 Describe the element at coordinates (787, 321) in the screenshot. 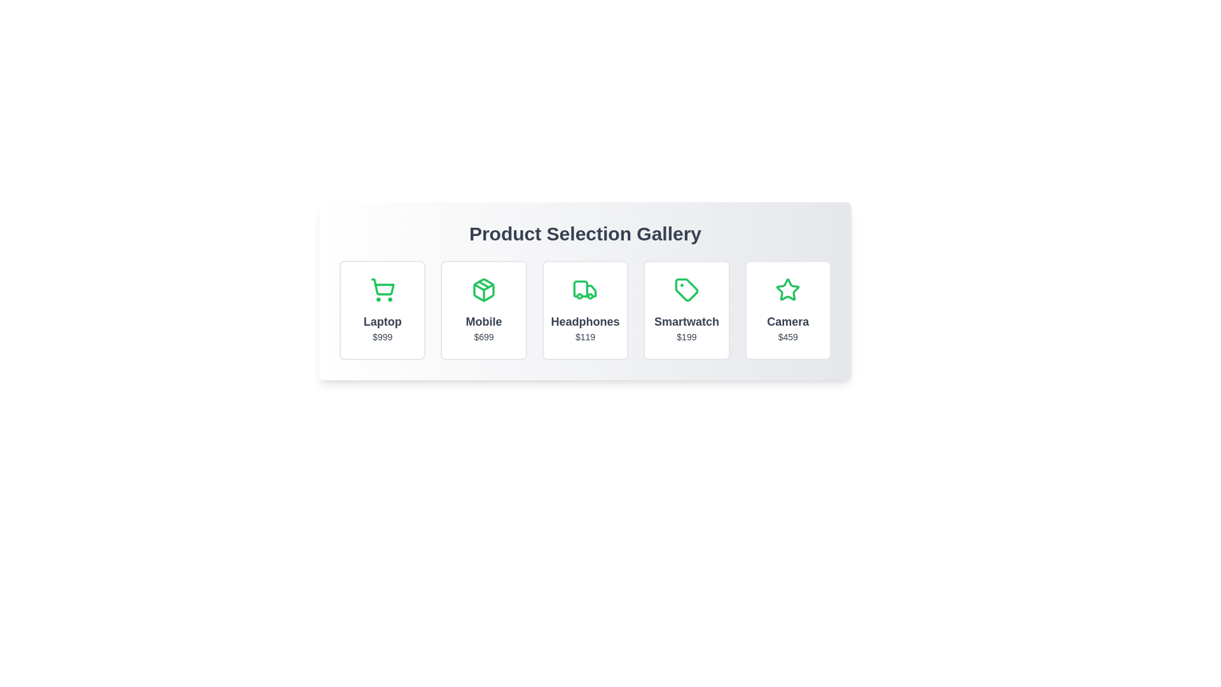

I see `the 'Camera' text label which is displayed in bold, large font as part of the product listing card in the horizontal gallery` at that location.